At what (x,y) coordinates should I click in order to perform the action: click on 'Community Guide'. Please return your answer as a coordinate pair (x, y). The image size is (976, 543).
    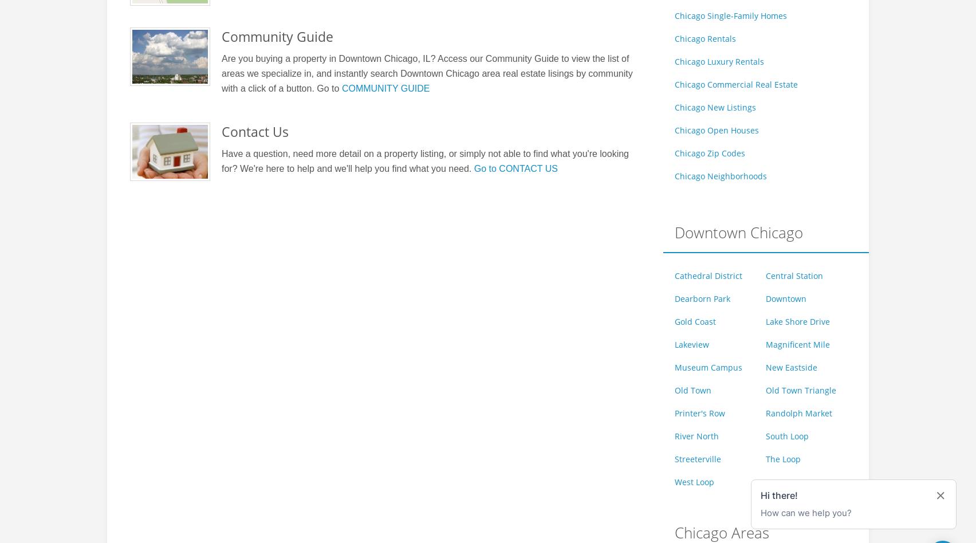
    Looking at the image, I should click on (221, 36).